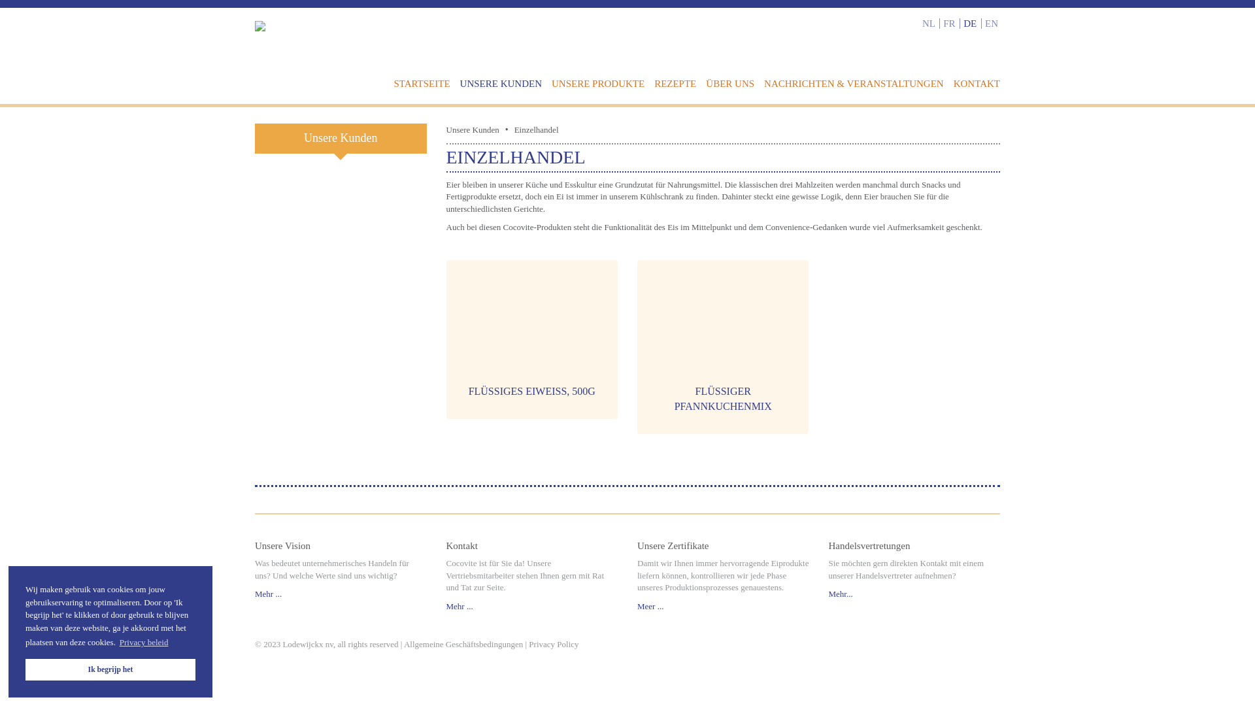 Image resolution: width=1255 pixels, height=706 pixels. I want to click on 'Mehr ...', so click(445, 606).